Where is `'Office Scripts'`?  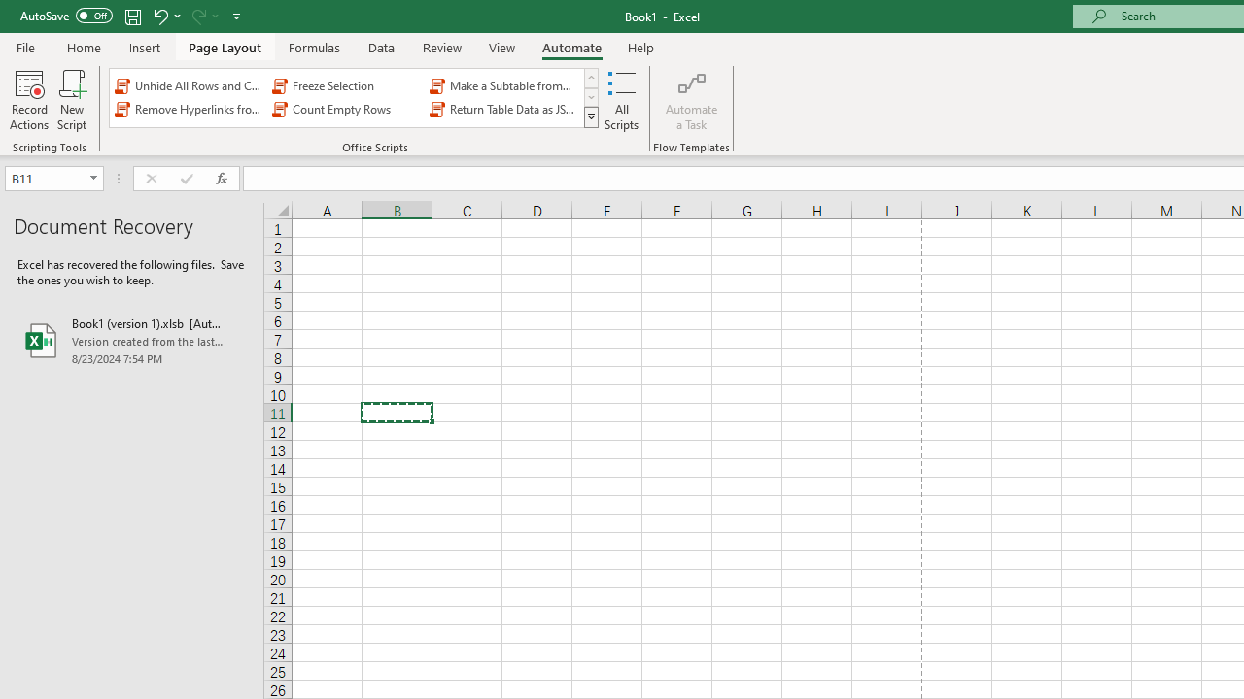
'Office Scripts' is located at coordinates (590, 116).